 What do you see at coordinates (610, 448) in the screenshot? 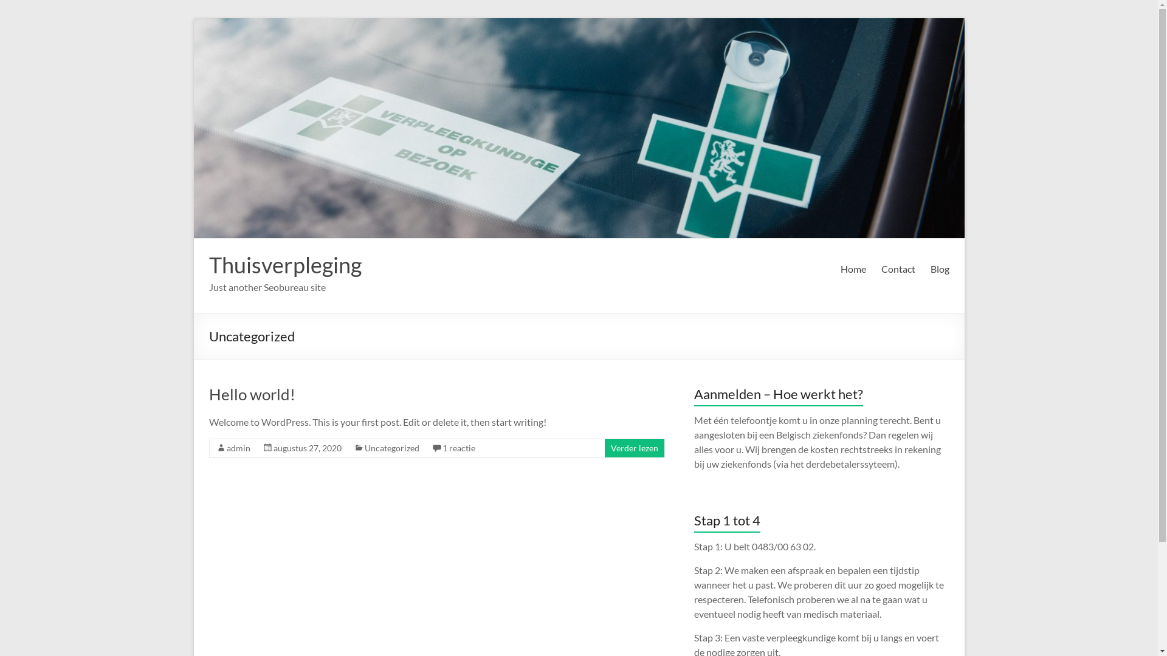
I see `'Verder lezen'` at bounding box center [610, 448].